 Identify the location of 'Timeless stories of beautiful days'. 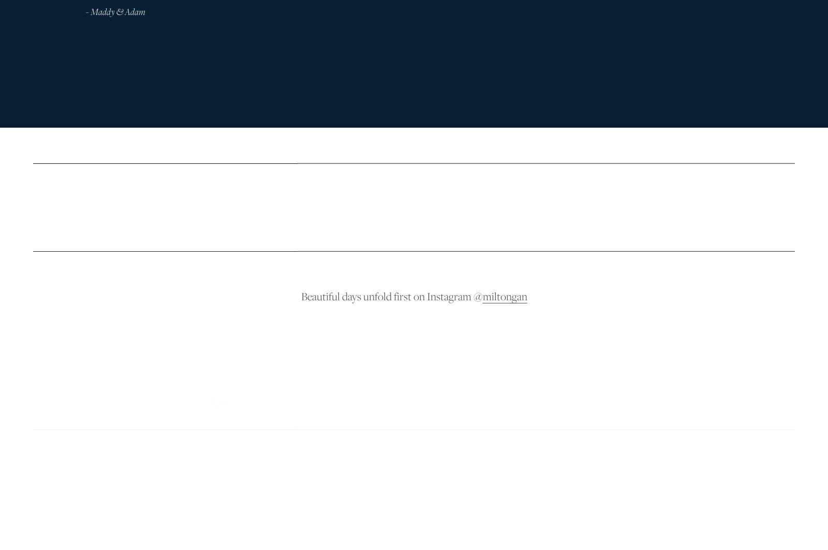
(33, 479).